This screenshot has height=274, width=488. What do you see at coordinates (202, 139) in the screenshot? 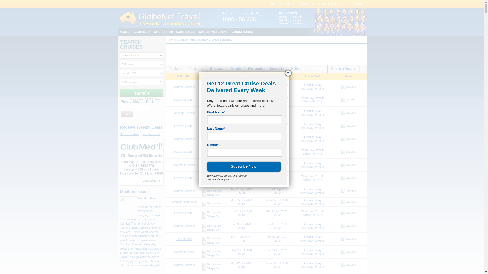
I see `'Ship location'` at bounding box center [202, 139].